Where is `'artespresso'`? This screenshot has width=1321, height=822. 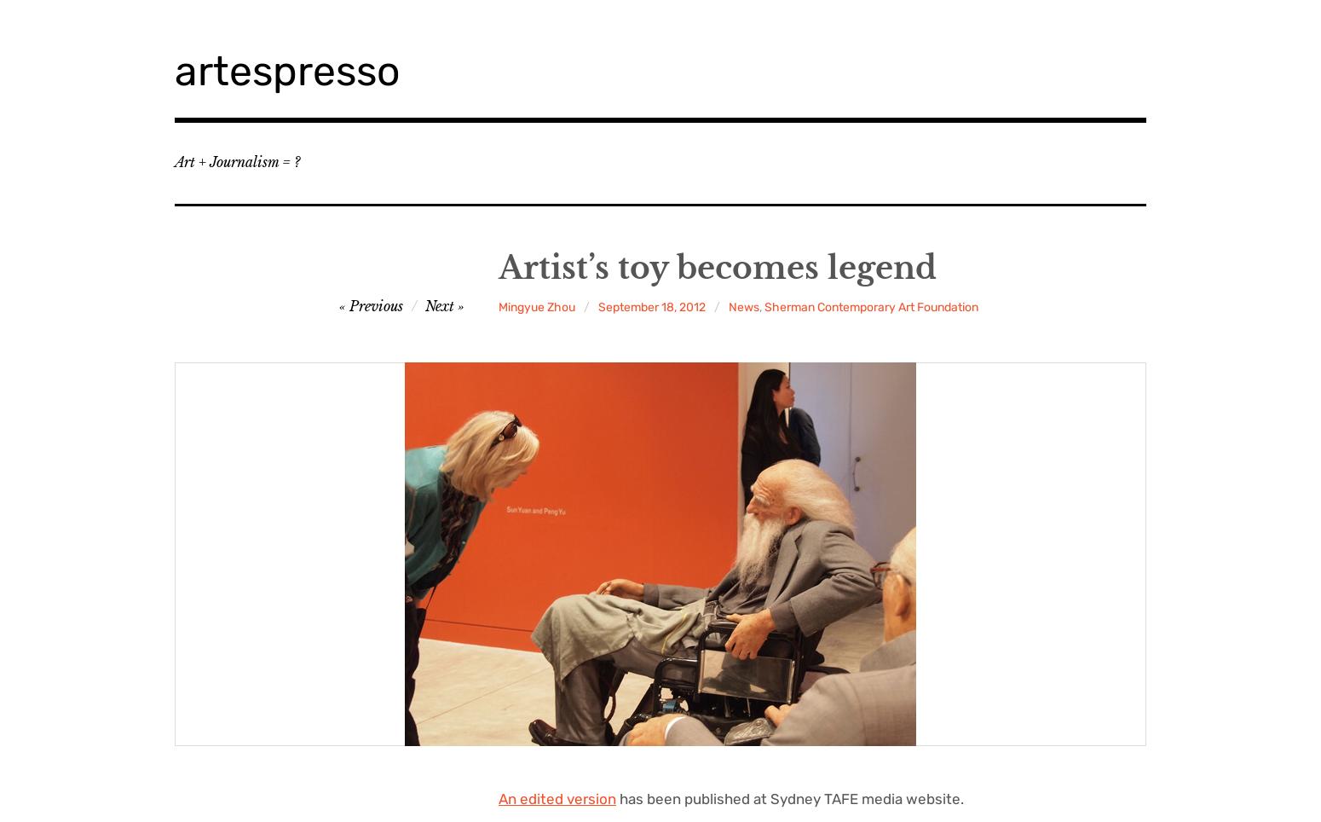
'artespresso' is located at coordinates (286, 70).